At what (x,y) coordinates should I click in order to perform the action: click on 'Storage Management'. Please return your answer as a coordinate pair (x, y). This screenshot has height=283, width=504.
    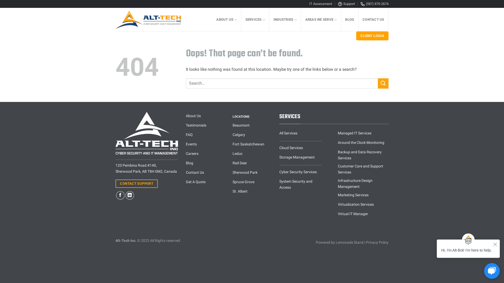
    Looking at the image, I should click on (301, 157).